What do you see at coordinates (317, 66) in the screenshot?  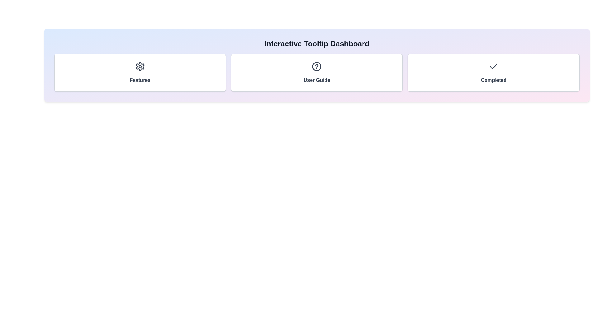 I see `the icon circle within the SVG graphic located in the 'User Guide' card` at bounding box center [317, 66].